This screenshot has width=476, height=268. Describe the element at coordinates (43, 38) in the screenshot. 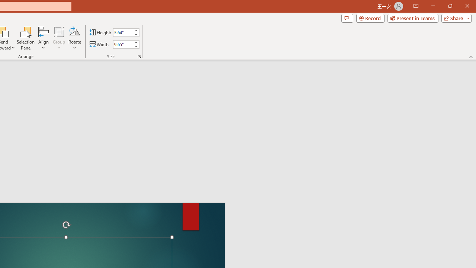

I see `'Align'` at that location.